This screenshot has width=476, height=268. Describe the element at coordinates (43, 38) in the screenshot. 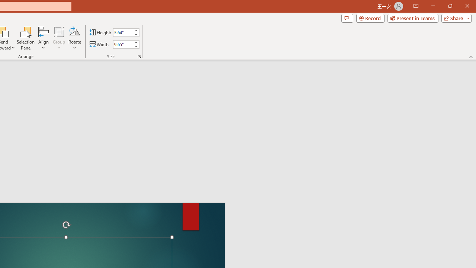

I see `'Align'` at that location.